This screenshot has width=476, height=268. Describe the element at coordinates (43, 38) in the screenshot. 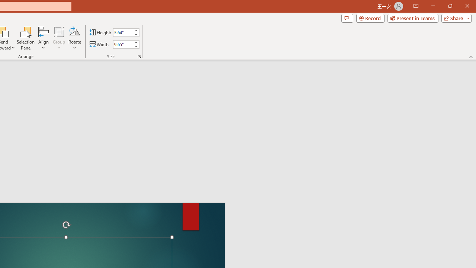

I see `'Align'` at that location.